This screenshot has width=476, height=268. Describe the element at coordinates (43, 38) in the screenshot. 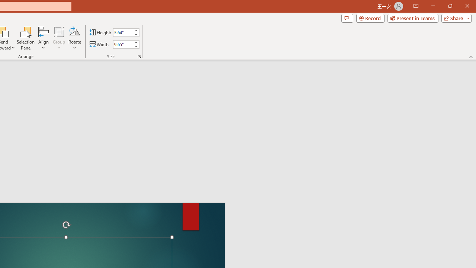

I see `'Align'` at that location.